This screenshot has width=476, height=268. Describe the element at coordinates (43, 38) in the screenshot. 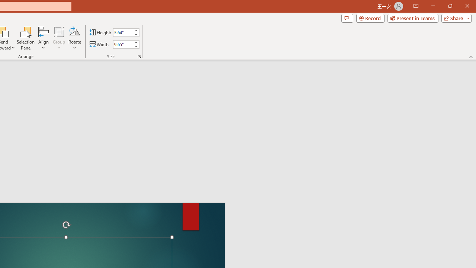

I see `'Align'` at that location.